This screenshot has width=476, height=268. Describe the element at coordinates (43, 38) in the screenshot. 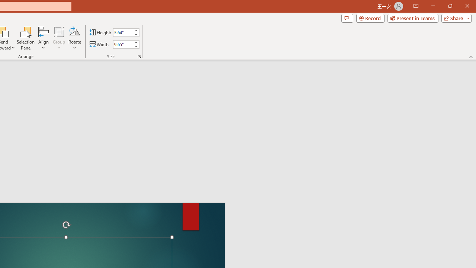

I see `'Align'` at that location.